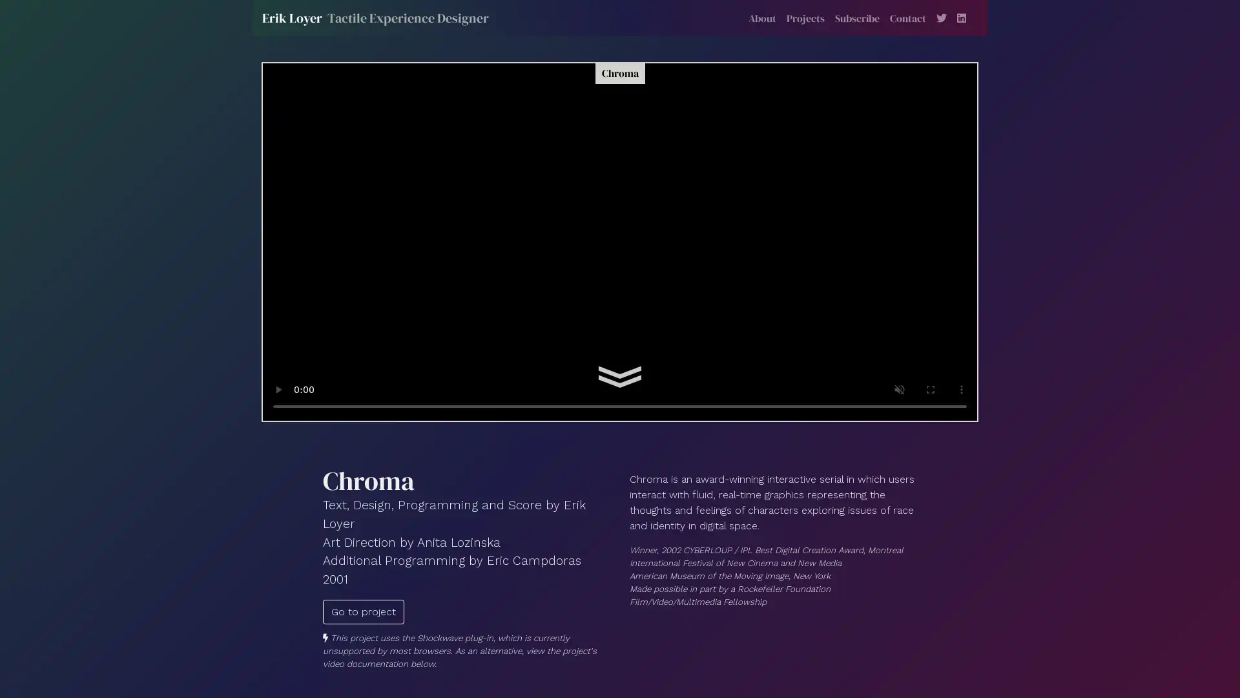 The image size is (1240, 698). What do you see at coordinates (362, 611) in the screenshot?
I see `Go to project` at bounding box center [362, 611].